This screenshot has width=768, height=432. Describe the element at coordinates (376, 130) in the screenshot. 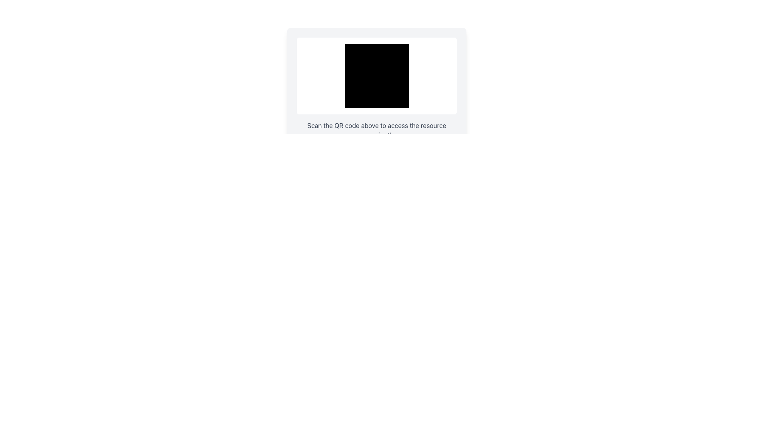

I see `instruction provided by the static text label located below the QR code and above the 'Copy Link' button` at that location.